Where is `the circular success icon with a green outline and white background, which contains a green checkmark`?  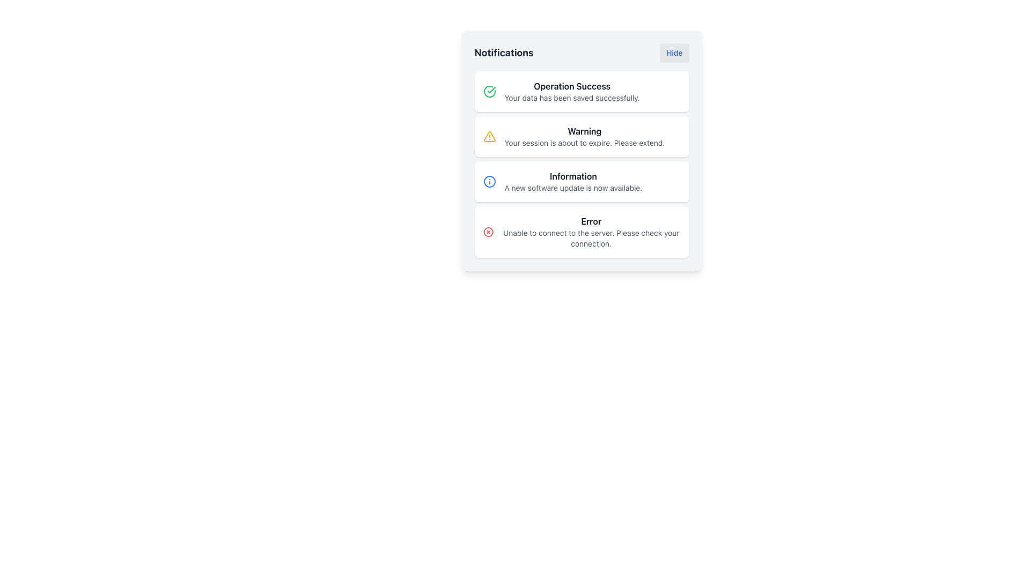 the circular success icon with a green outline and white background, which contains a green checkmark is located at coordinates (489, 91).